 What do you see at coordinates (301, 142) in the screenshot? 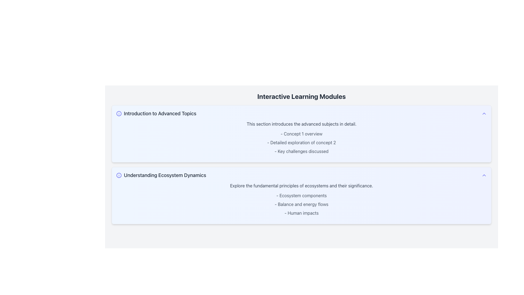
I see `the second bullet point in the list under the section titled 'Introduction to Advanced Topics' for selection or interaction` at bounding box center [301, 142].